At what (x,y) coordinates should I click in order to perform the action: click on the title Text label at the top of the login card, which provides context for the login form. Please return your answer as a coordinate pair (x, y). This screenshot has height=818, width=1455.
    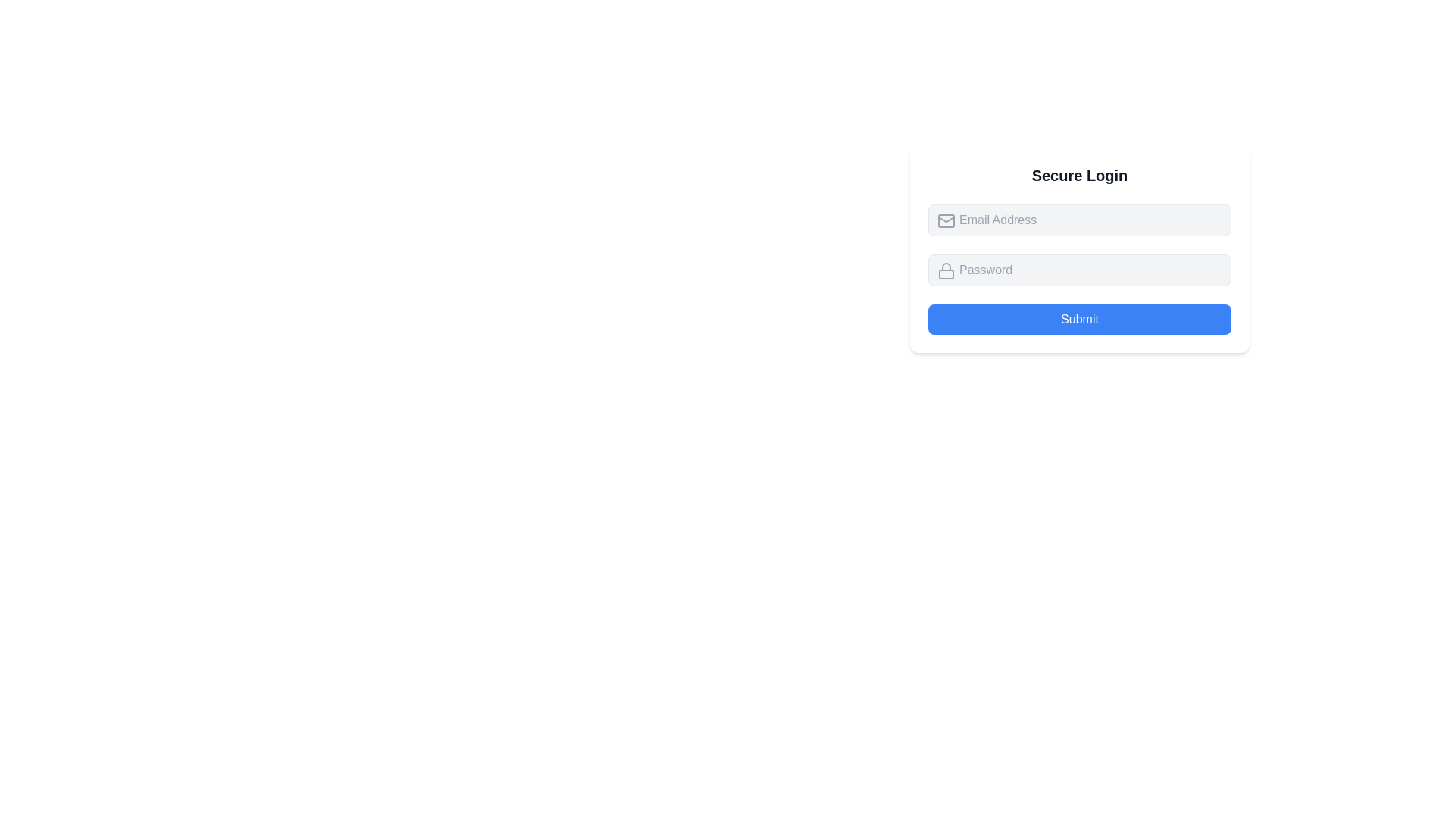
    Looking at the image, I should click on (1079, 174).